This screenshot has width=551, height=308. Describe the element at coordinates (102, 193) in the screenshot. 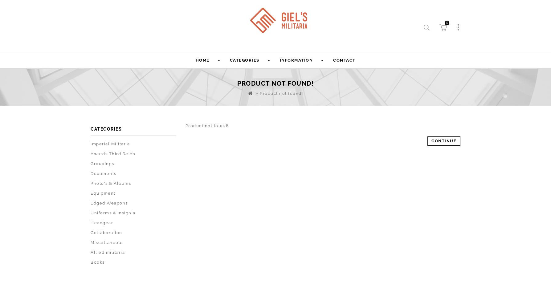

I see `'Equipment'` at that location.